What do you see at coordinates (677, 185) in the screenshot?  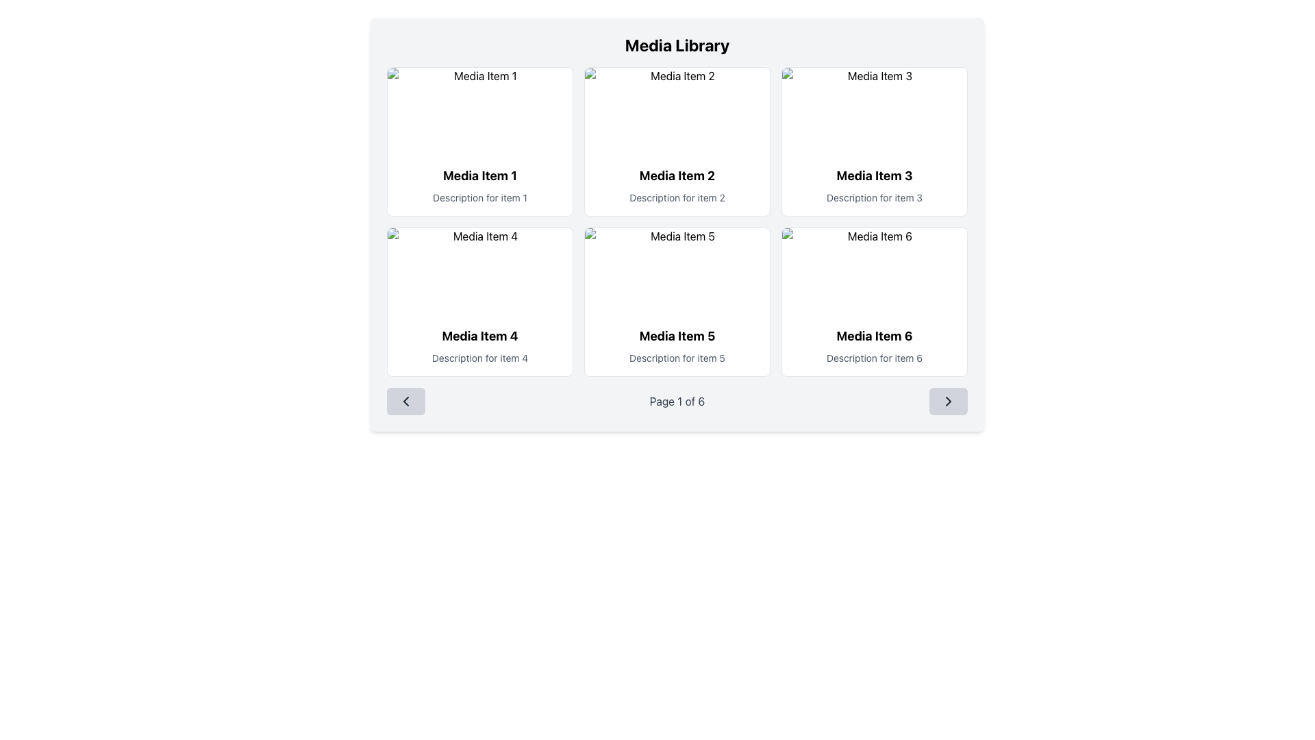 I see `the Informational text block located in the second column of the first row within a 3x2 grid, which provides a title and a short description for a media item` at bounding box center [677, 185].